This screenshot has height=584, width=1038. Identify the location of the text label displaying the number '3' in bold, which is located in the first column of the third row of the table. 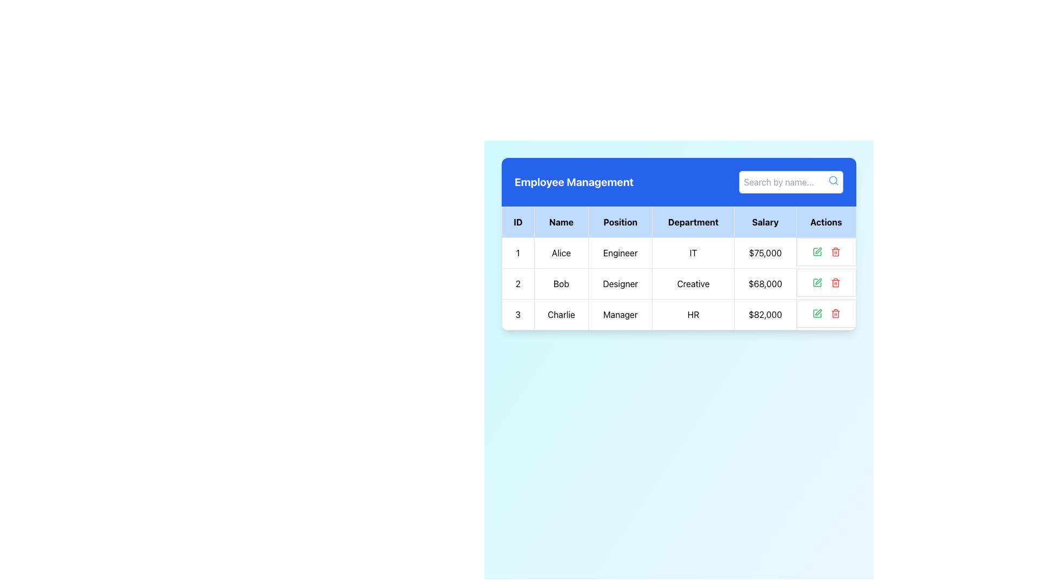
(517, 315).